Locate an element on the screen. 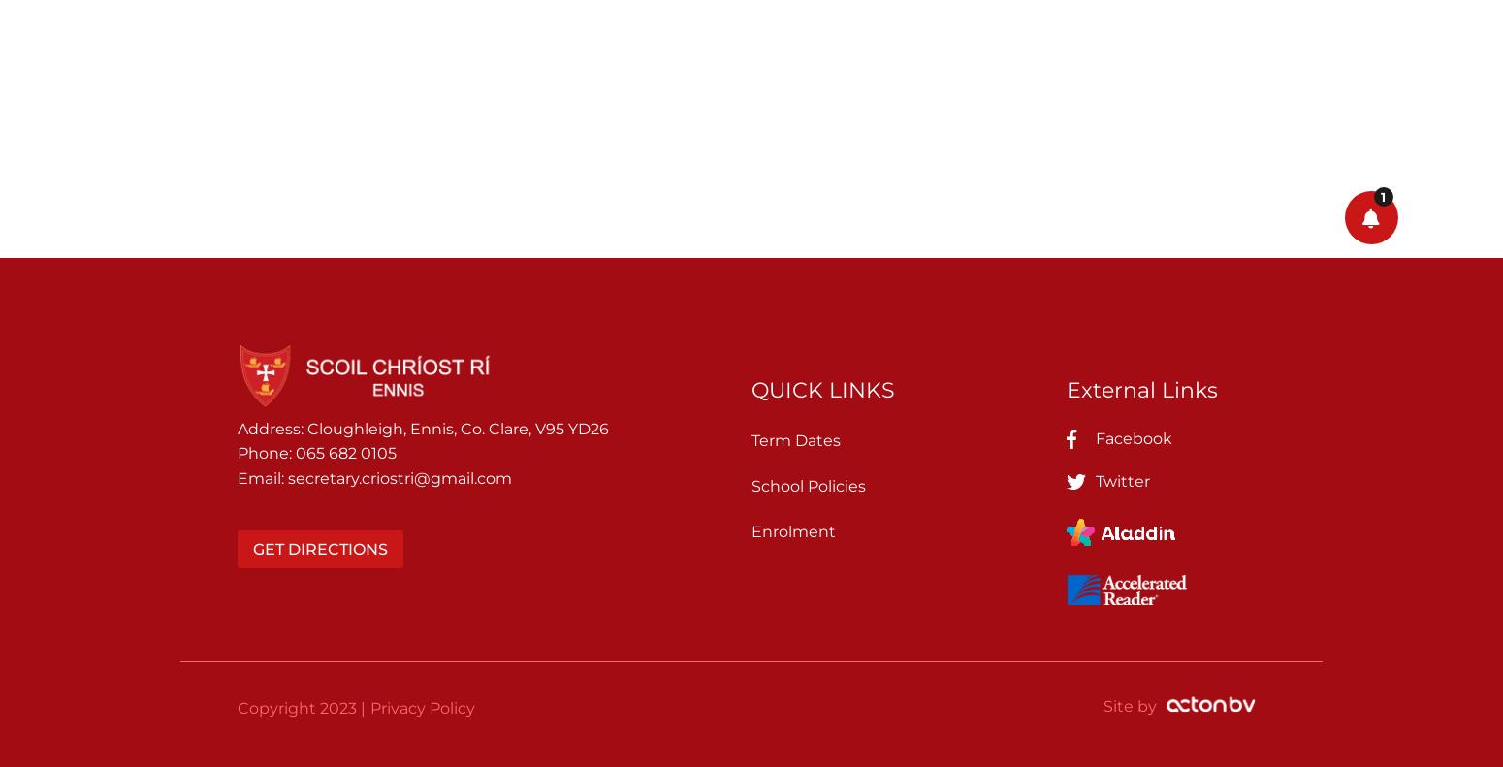 The height and width of the screenshot is (767, 1503). 'Privacy Policy' is located at coordinates (369, 706).